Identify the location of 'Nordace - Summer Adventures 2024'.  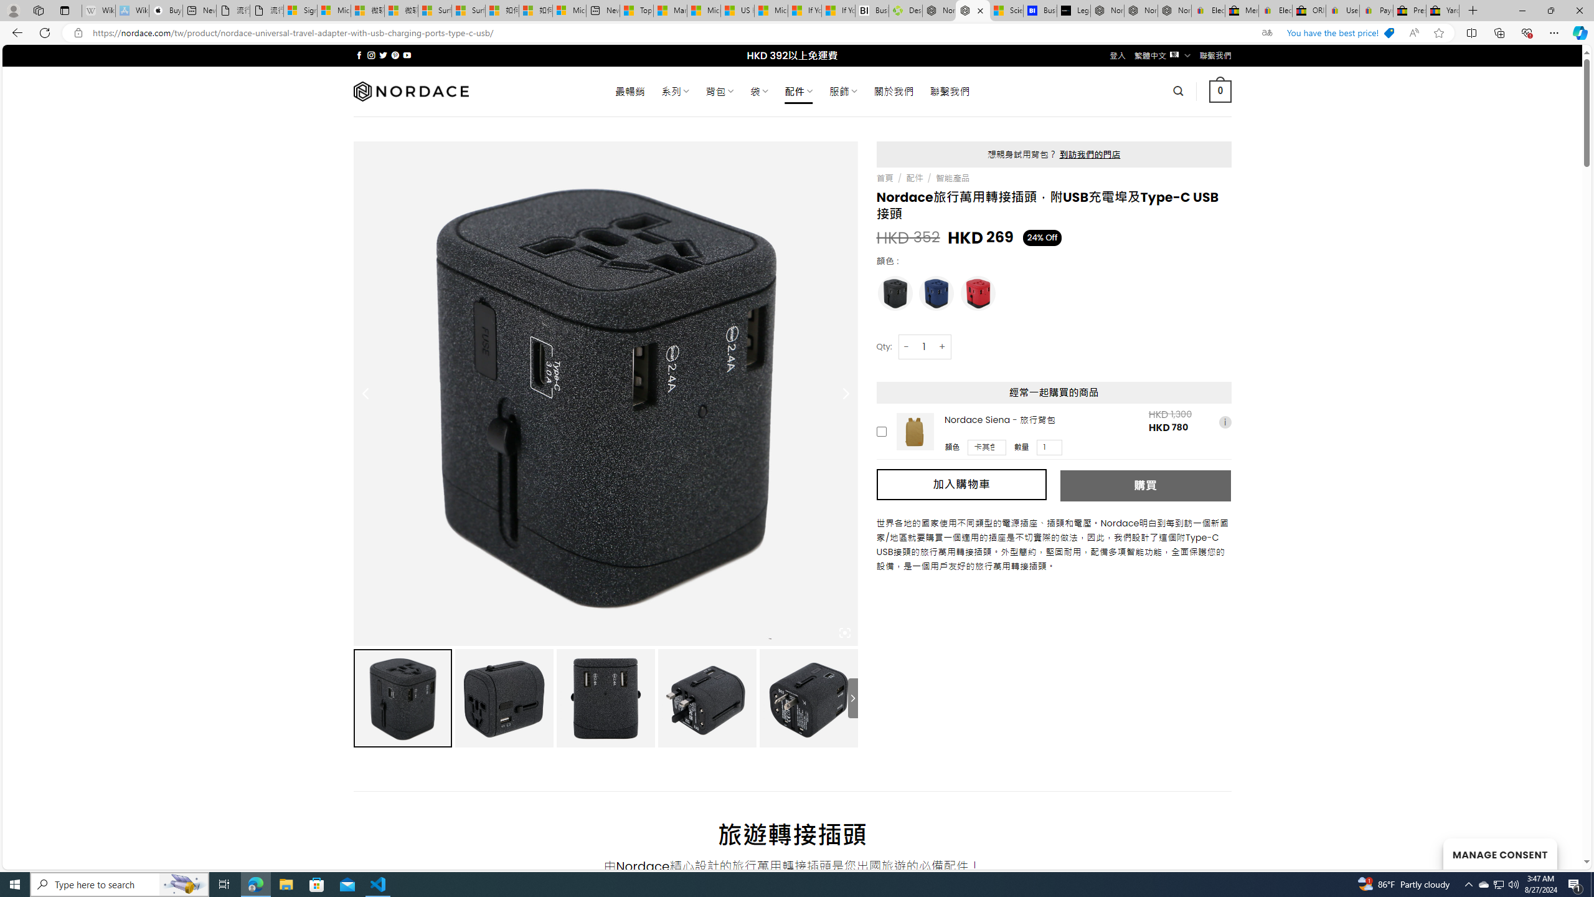
(938, 10).